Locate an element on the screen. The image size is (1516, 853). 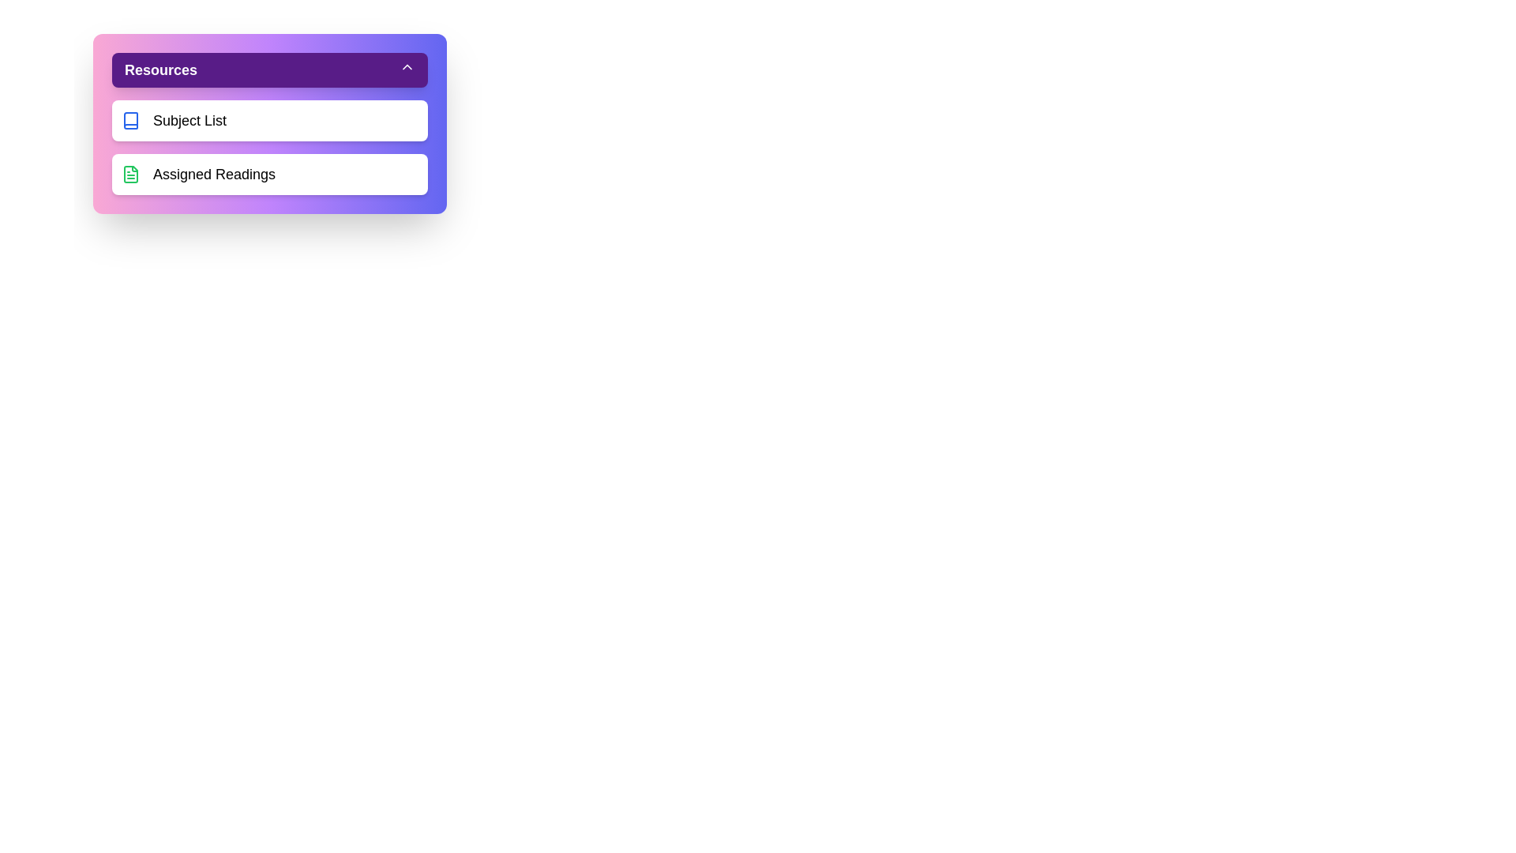
the icon indicating the 'Assigned Readings' menu item located to the left of the text label under the 'Resources' section is located at coordinates (131, 174).